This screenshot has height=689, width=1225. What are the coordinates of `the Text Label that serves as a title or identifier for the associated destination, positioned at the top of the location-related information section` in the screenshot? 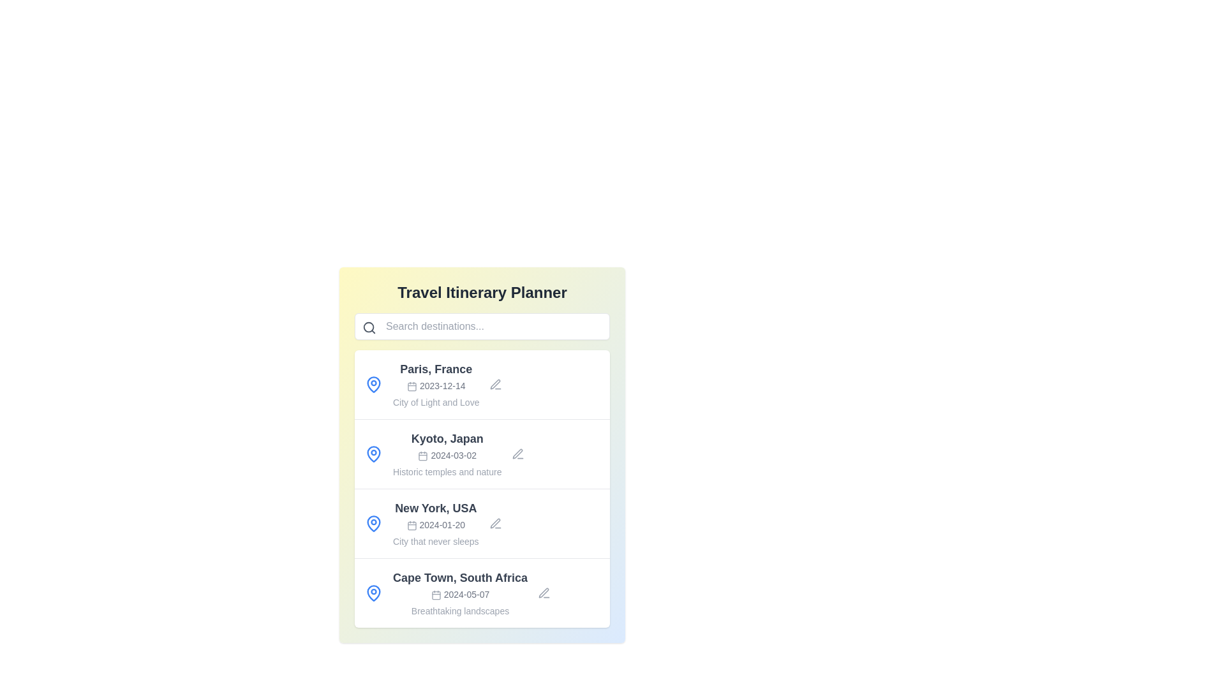 It's located at (436, 508).